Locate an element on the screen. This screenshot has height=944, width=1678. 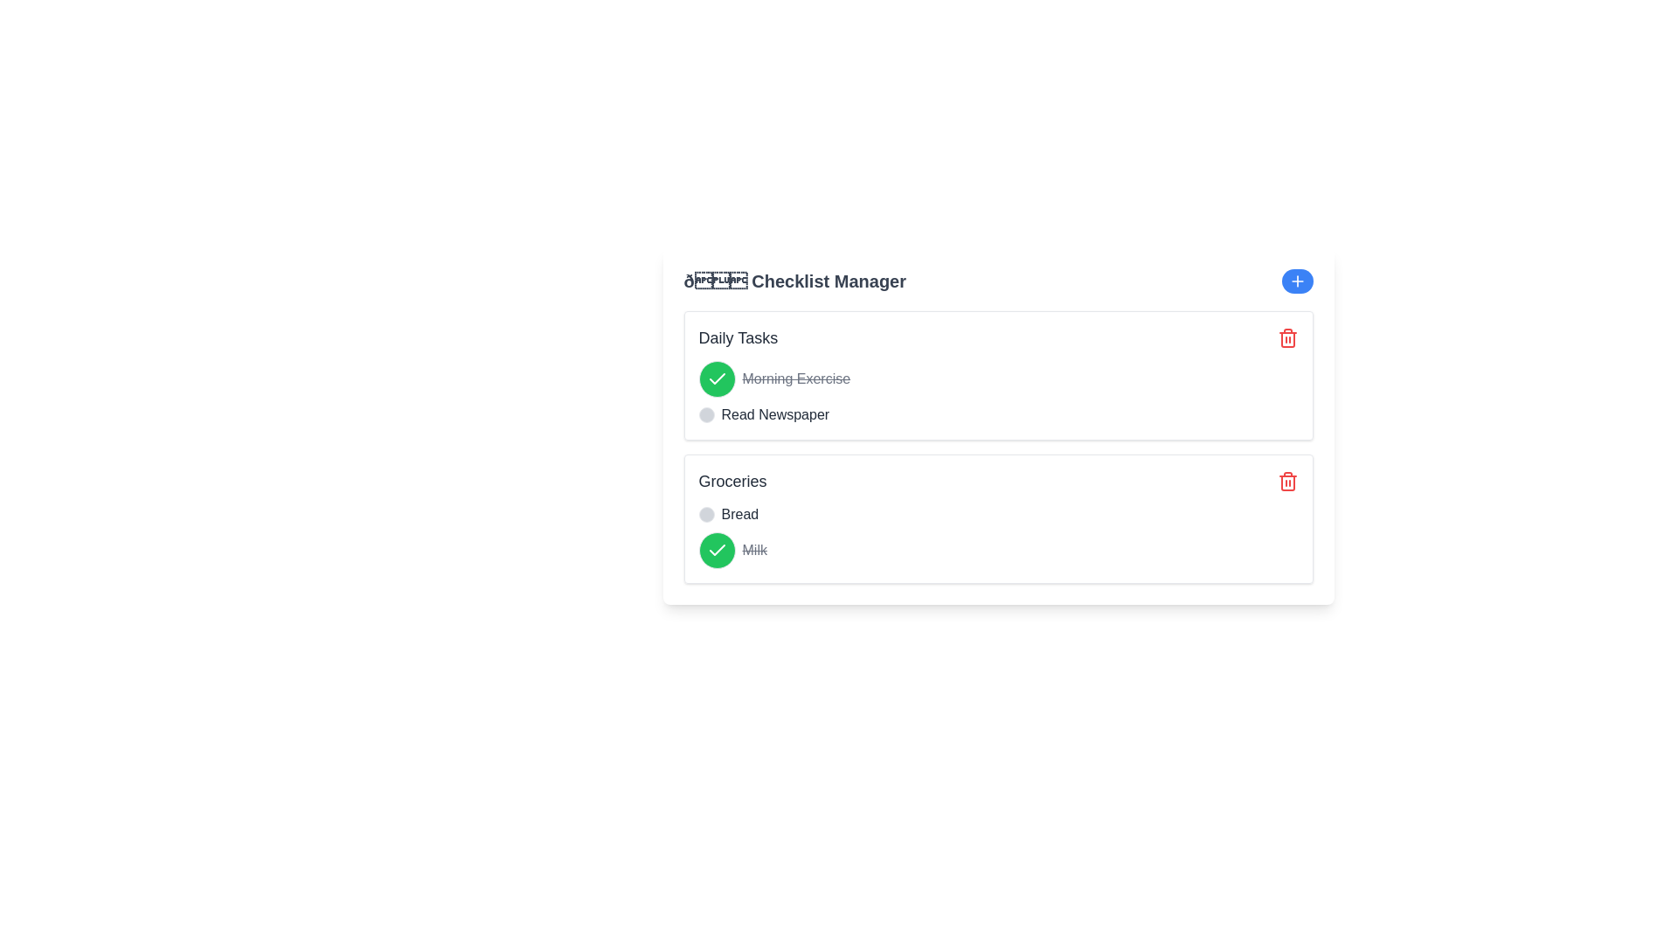
the 'Morning Exercise' text label, which is styled with a strikethrough to indicate completion, located is located at coordinates (795, 378).